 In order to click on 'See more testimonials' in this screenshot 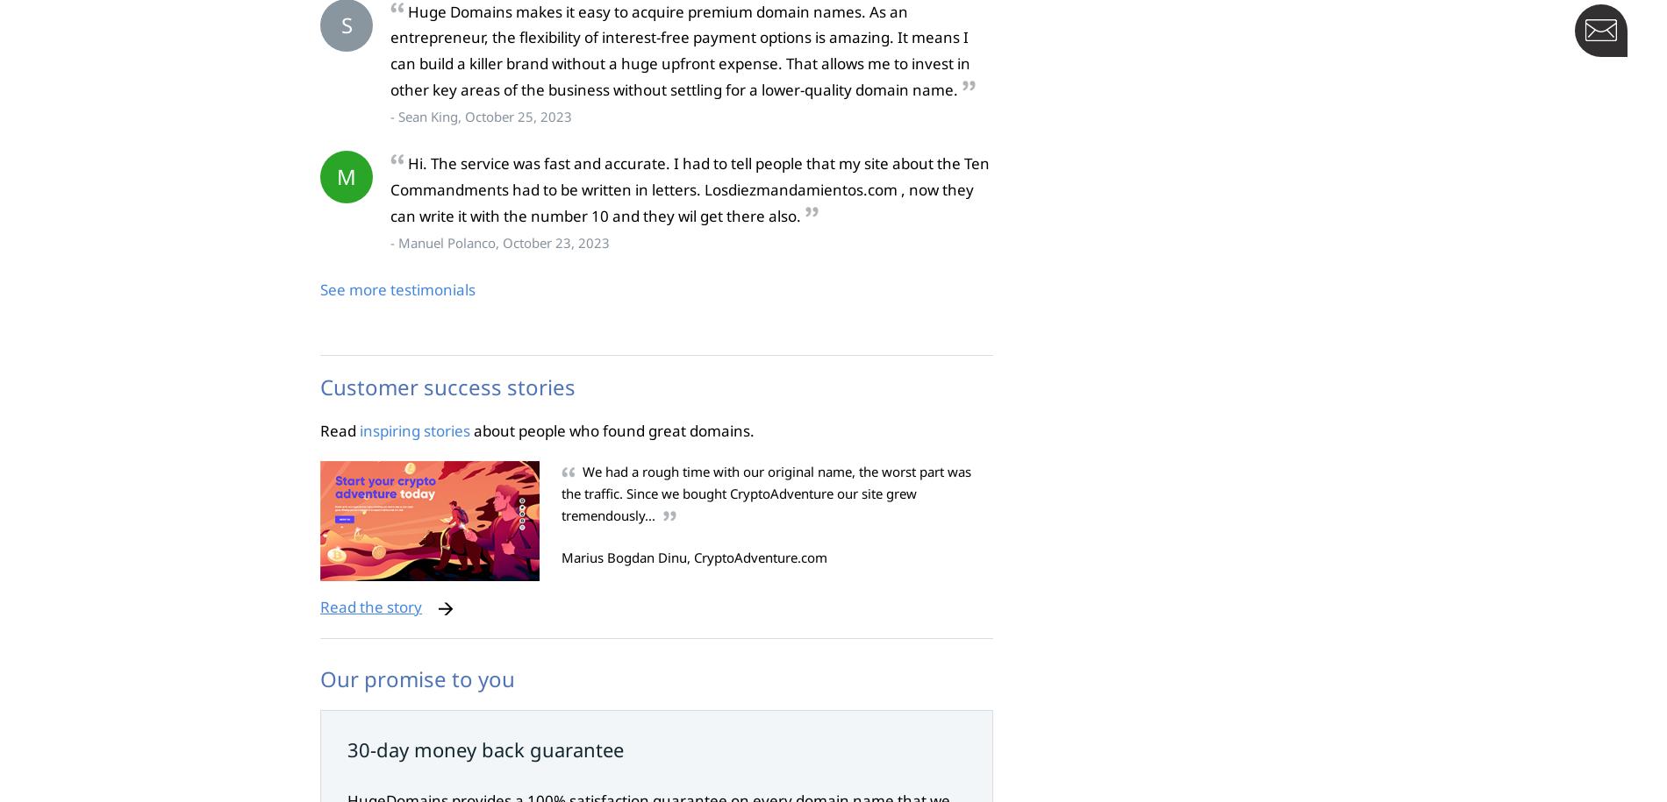, I will do `click(397, 289)`.